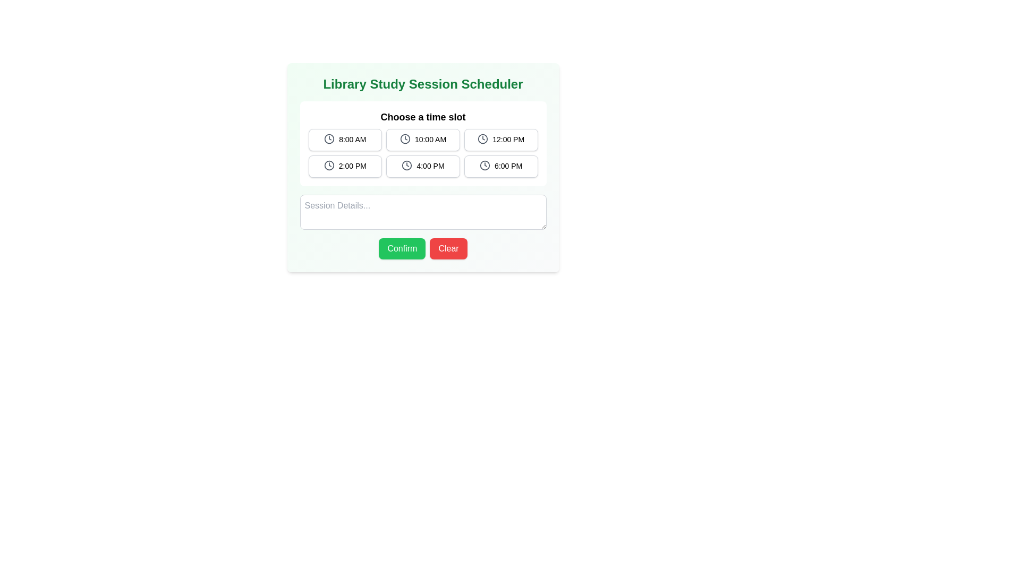 The height and width of the screenshot is (573, 1020). Describe the element at coordinates (422, 153) in the screenshot. I see `the time slot in the grid located under the title 'Choose a time slot'` at that location.